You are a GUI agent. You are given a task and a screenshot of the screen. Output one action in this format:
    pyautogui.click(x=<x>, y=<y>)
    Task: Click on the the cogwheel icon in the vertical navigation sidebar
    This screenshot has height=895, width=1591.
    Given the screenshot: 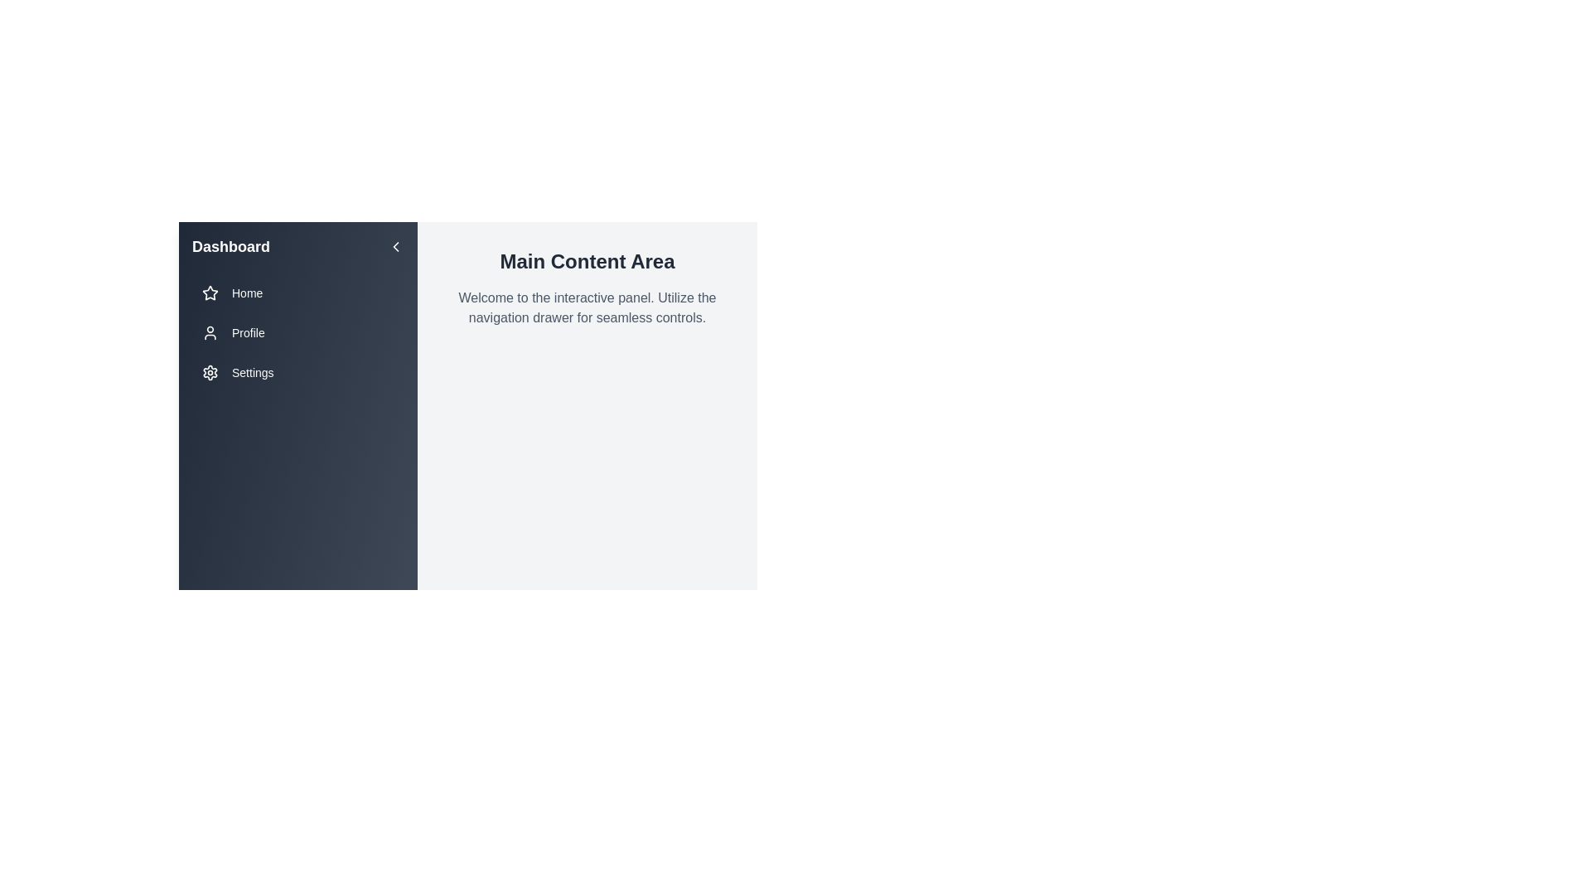 What is the action you would take?
    pyautogui.click(x=210, y=373)
    